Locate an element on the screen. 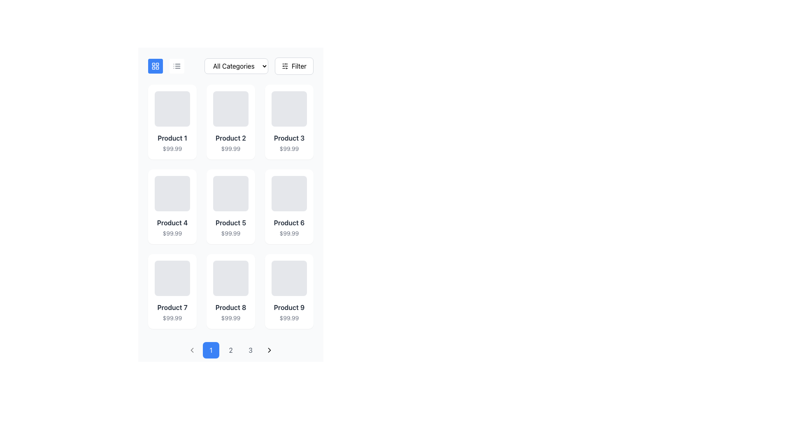 This screenshot has width=790, height=444. text display element located in the bottom-right cell of a 3x3 grid layout which contains the product name and price information is located at coordinates (289, 312).